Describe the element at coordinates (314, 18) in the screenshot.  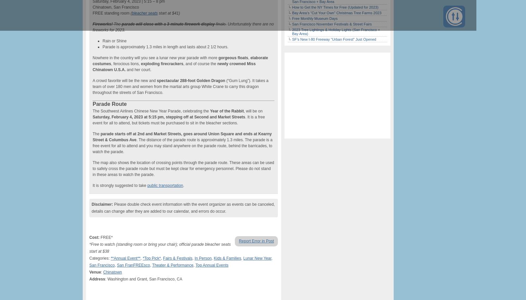
I see `'Free Monthly Museum Days'` at that location.